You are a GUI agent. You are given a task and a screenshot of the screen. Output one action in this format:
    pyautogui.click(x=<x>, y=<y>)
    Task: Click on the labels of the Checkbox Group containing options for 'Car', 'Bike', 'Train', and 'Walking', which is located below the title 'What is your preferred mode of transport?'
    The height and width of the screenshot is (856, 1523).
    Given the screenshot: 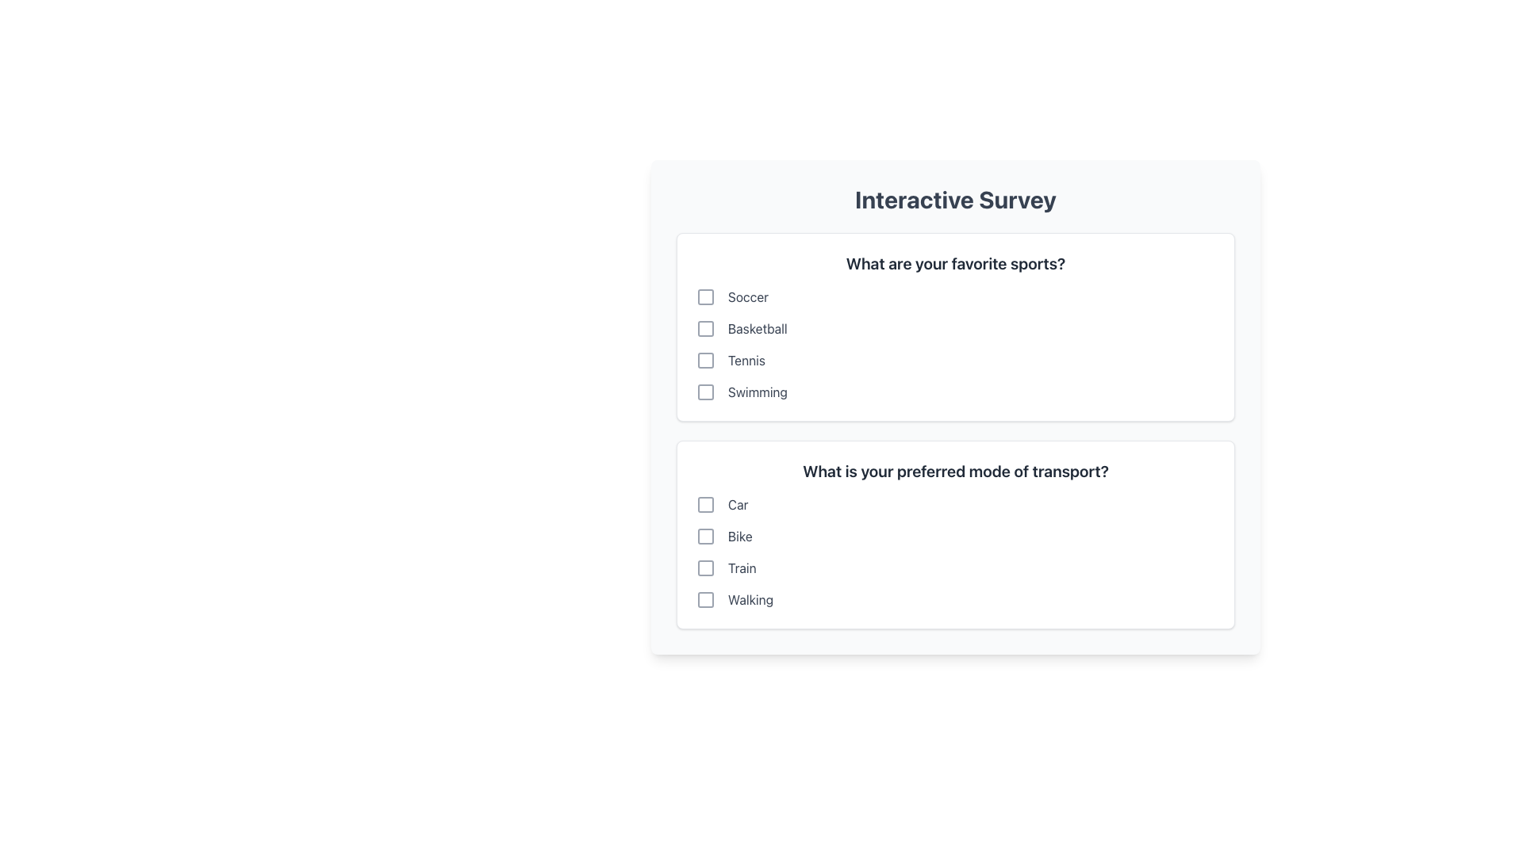 What is the action you would take?
    pyautogui.click(x=954, y=552)
    